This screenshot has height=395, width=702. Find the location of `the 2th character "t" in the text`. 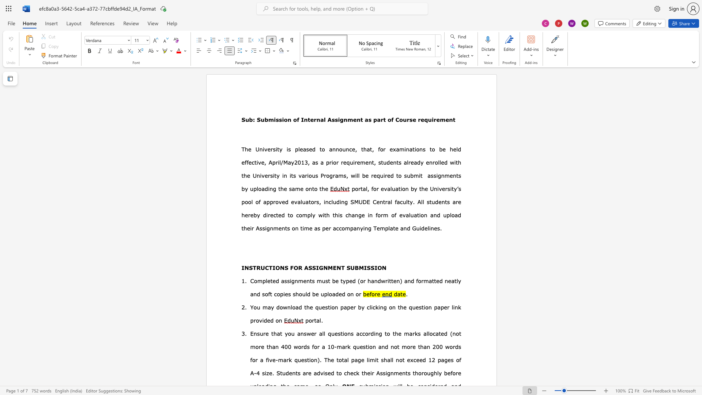

the 2th character "t" in the text is located at coordinates (242, 175).